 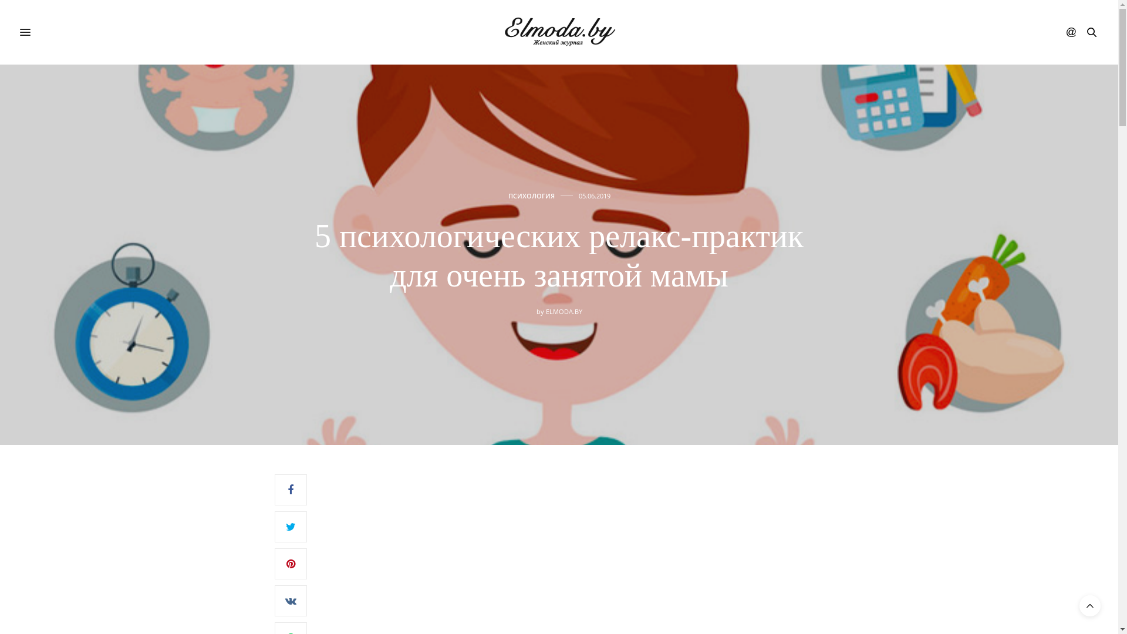 I want to click on 'Scroll To Top', so click(x=1089, y=606).